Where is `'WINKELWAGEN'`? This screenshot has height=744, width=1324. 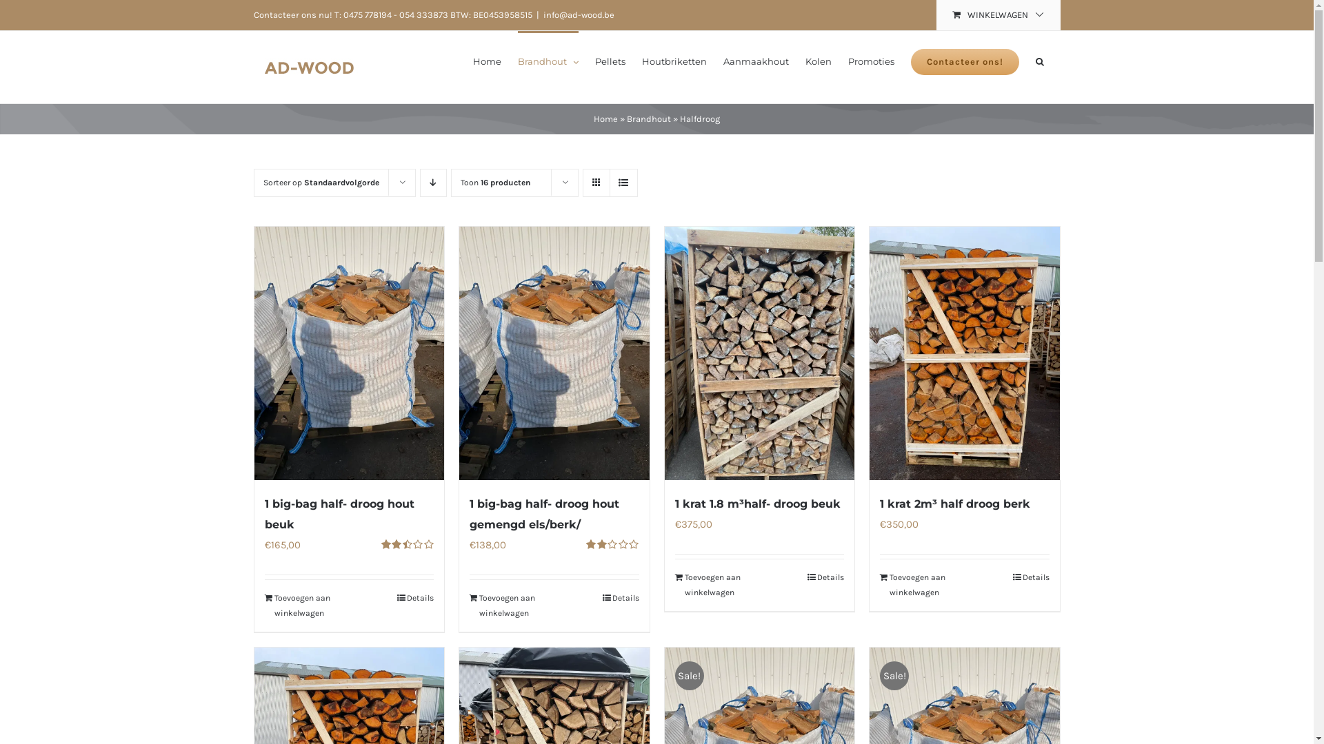
'WINKELWAGEN' is located at coordinates (999, 15).